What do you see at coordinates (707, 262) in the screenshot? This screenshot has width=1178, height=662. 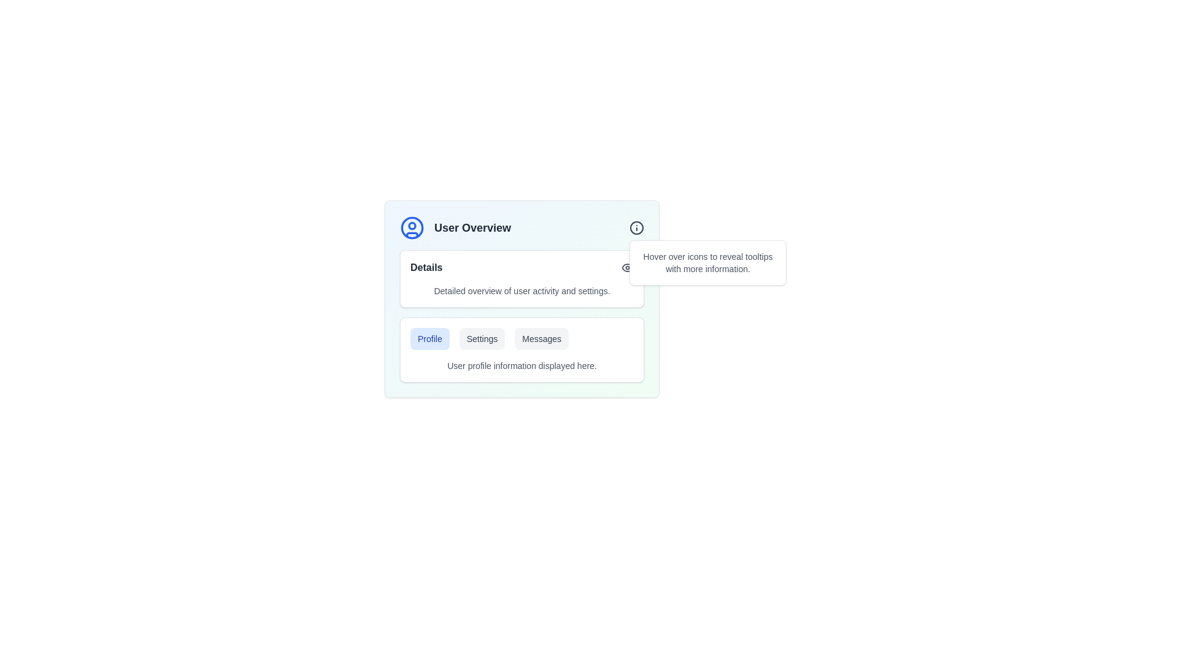 I see `the tooltip with the message 'Hover over icons` at bounding box center [707, 262].